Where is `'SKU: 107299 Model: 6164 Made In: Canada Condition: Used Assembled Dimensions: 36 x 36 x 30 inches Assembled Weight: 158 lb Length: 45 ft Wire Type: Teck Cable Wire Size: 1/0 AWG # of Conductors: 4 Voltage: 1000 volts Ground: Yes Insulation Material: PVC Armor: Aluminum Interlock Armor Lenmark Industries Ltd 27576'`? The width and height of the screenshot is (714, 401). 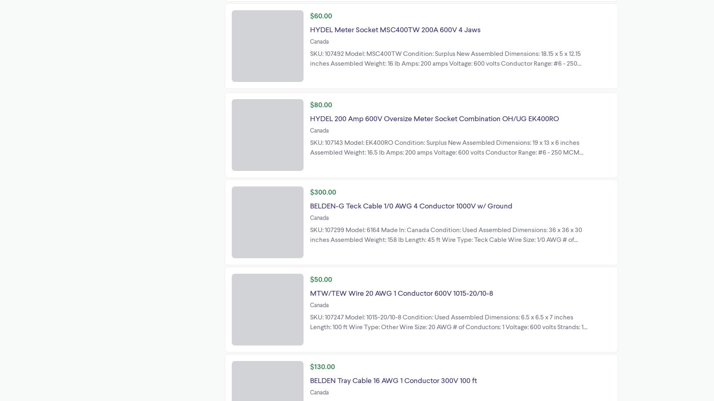 'SKU: 107299 Model: 6164 Made In: Canada Condition: Used Assembled Dimensions: 36 x 36 x 30 inches Assembled Weight: 158 lb Length: 45 ft Wire Type: Teck Cable Wire Size: 1/0 AWG # of Conductors: 4 Voltage: 1000 volts Ground: Yes Insulation Material: PVC Armor: Aluminum Interlock Armor Lenmark Industries Ltd 27576' is located at coordinates (448, 244).